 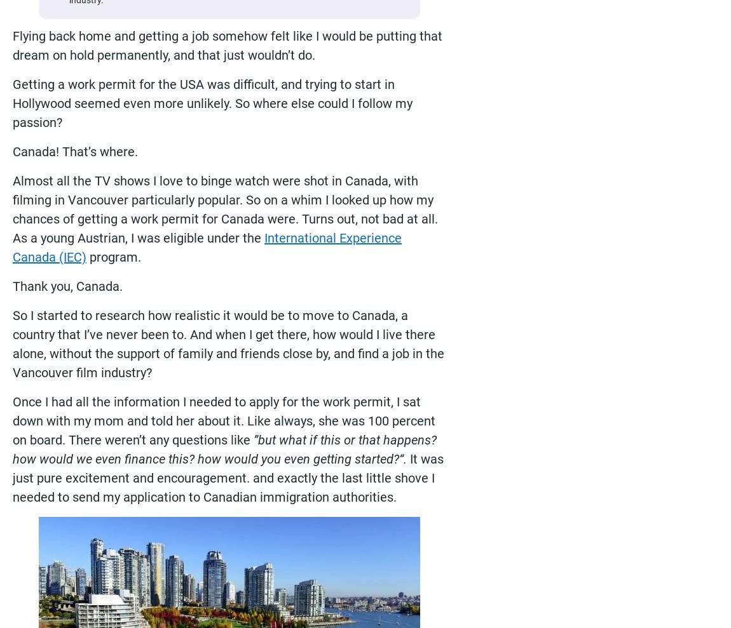 I want to click on 'Healthcare', so click(x=630, y=606).